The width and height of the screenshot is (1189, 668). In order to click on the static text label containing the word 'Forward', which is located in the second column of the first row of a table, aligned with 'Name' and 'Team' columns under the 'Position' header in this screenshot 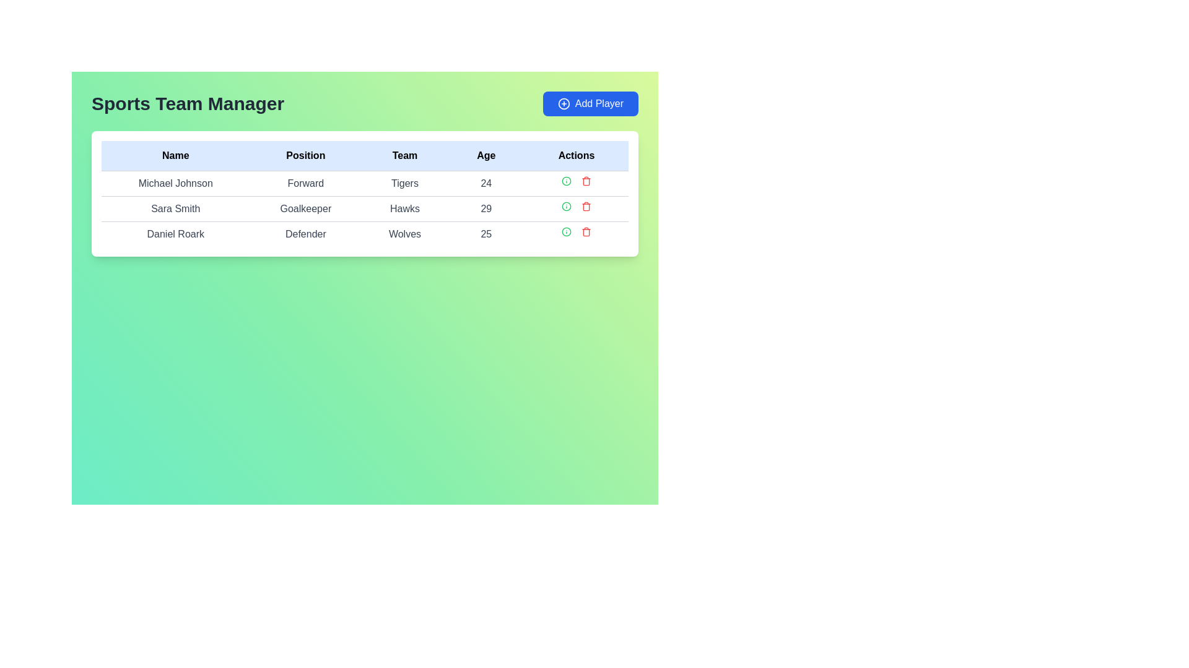, I will do `click(305, 184)`.